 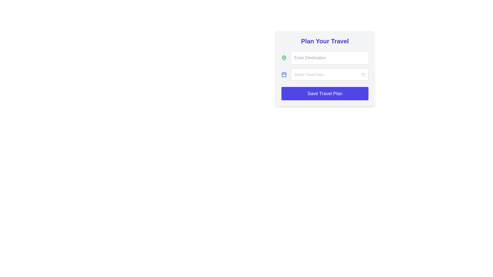 What do you see at coordinates (330, 74) in the screenshot?
I see `the date picker input field located below the 'Enter Destination' input field and above the 'Save Travel Plan' button to enable keyboard input` at bounding box center [330, 74].